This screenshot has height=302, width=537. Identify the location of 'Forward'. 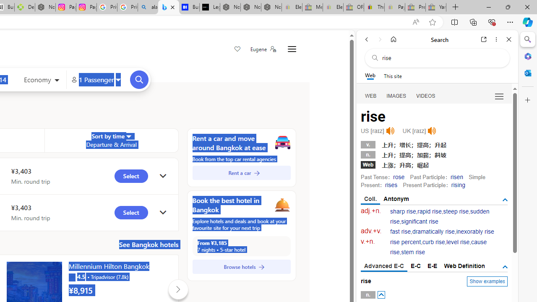
(380, 39).